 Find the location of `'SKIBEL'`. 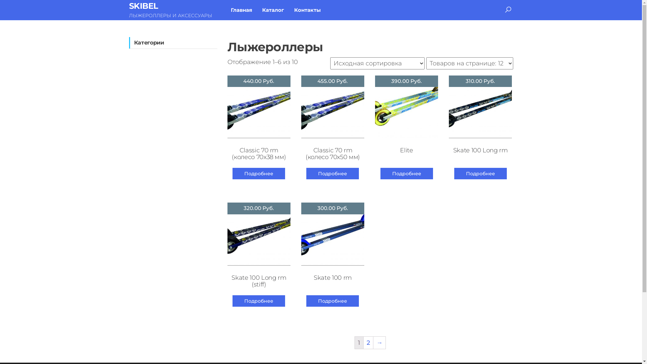

'SKIBEL' is located at coordinates (129, 6).